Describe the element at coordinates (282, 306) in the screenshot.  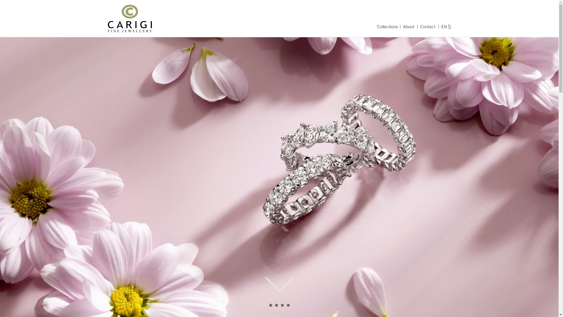
I see `'3'` at that location.